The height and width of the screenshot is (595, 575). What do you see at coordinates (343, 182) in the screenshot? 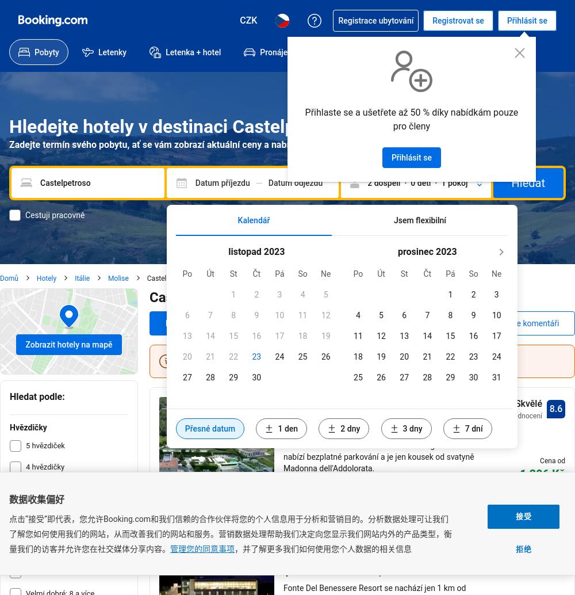
I see `'Den odjezdu'` at bounding box center [343, 182].